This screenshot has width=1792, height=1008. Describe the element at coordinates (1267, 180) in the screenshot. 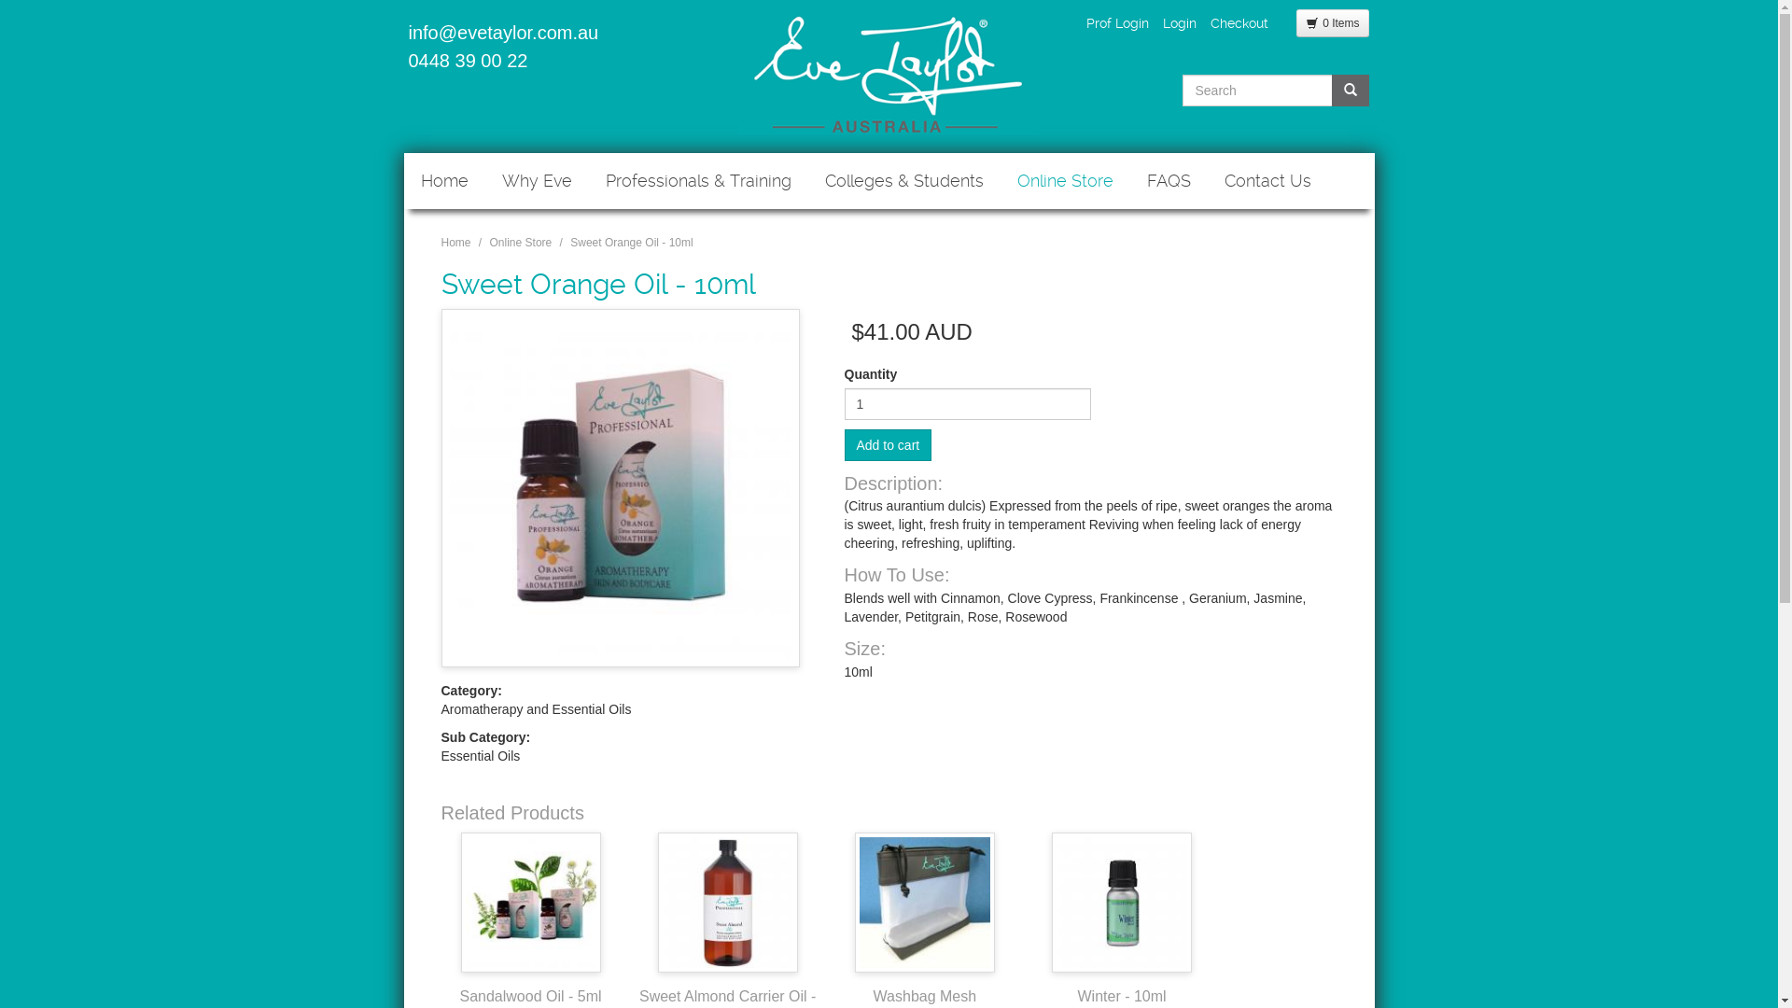

I see `'Contact Us'` at that location.